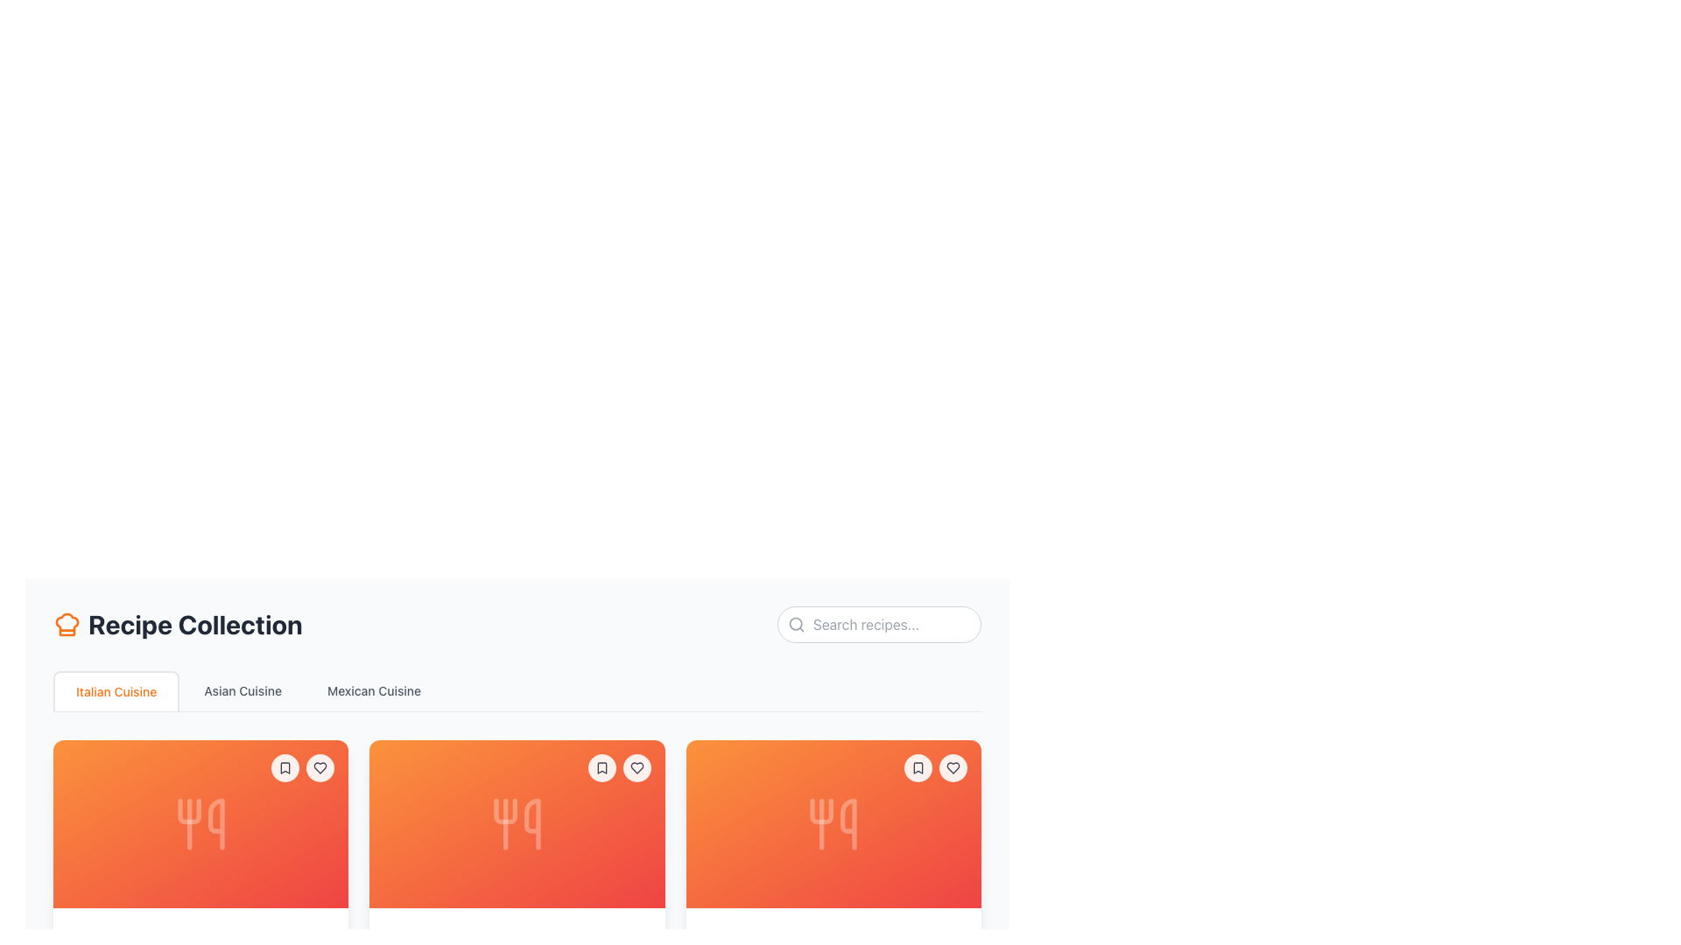  Describe the element at coordinates (601, 767) in the screenshot. I see `the bookmark icon located in the top-right corner of the second recipe card` at that location.